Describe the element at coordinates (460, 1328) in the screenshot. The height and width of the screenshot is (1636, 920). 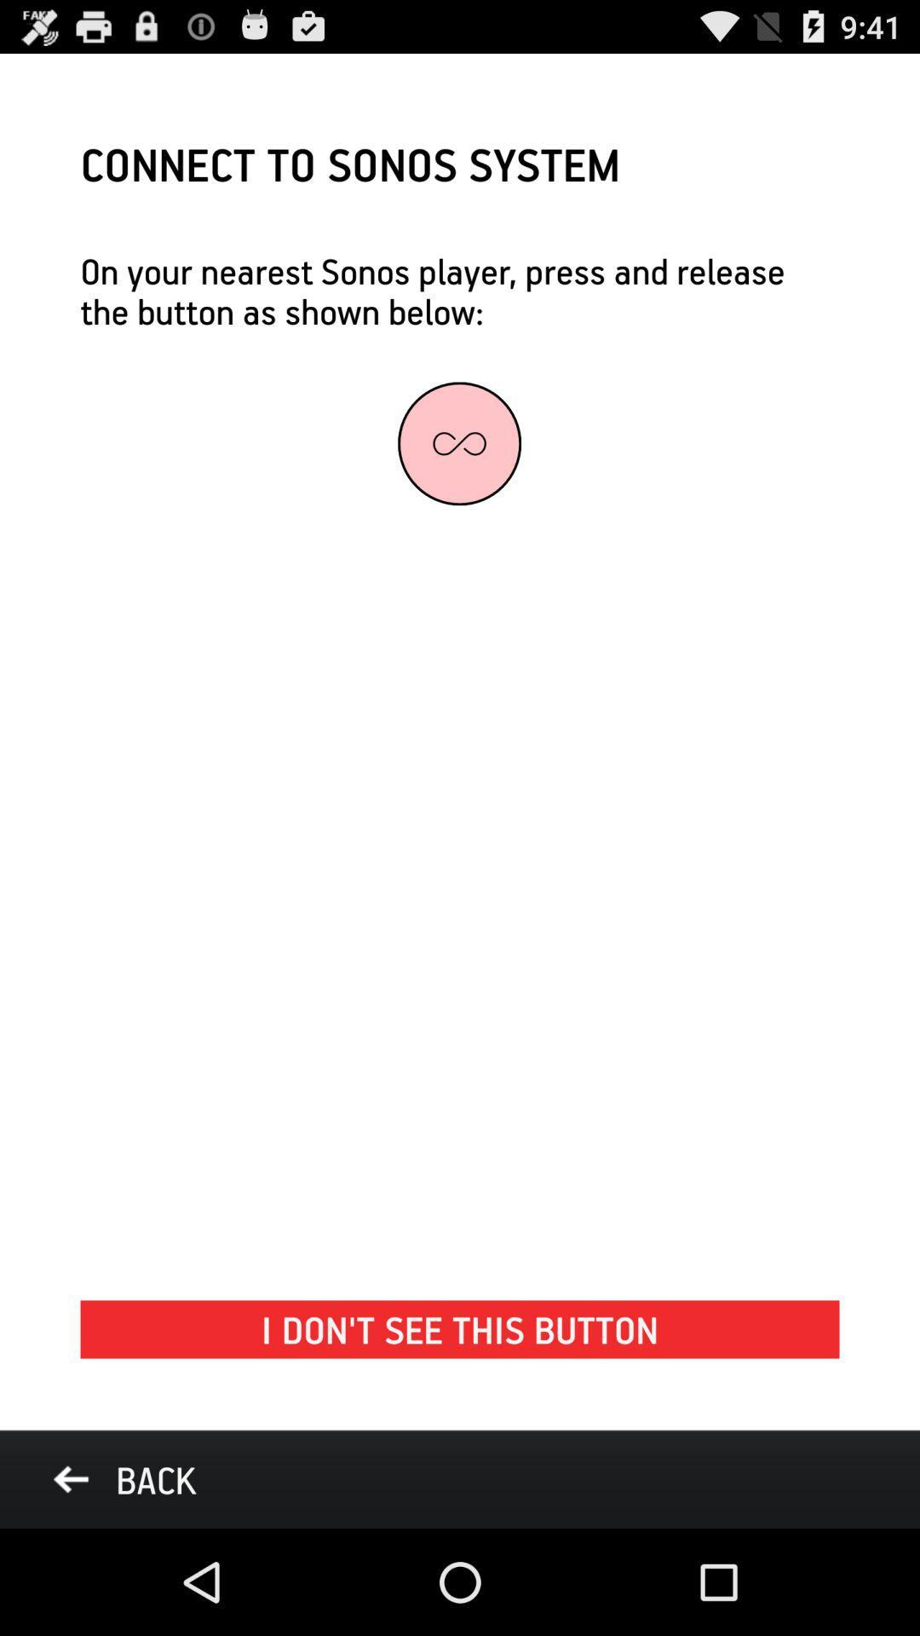
I see `the i don t at the bottom` at that location.